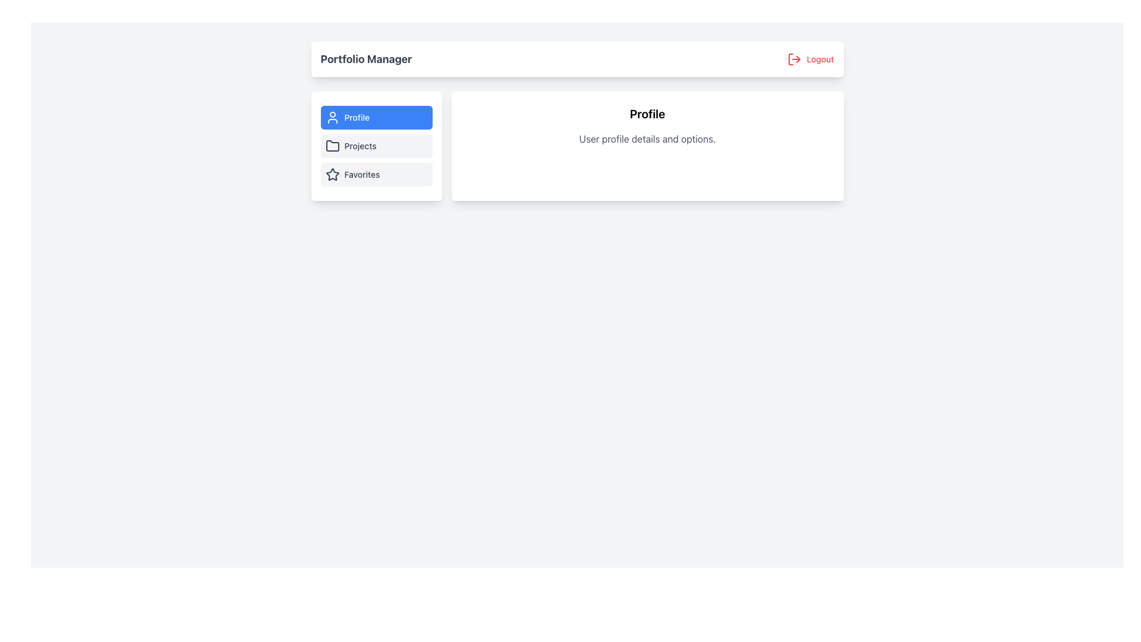 The width and height of the screenshot is (1141, 642). What do you see at coordinates (810, 59) in the screenshot?
I see `the logout button located to the right of 'Portfolio Manager' in the white header bar` at bounding box center [810, 59].